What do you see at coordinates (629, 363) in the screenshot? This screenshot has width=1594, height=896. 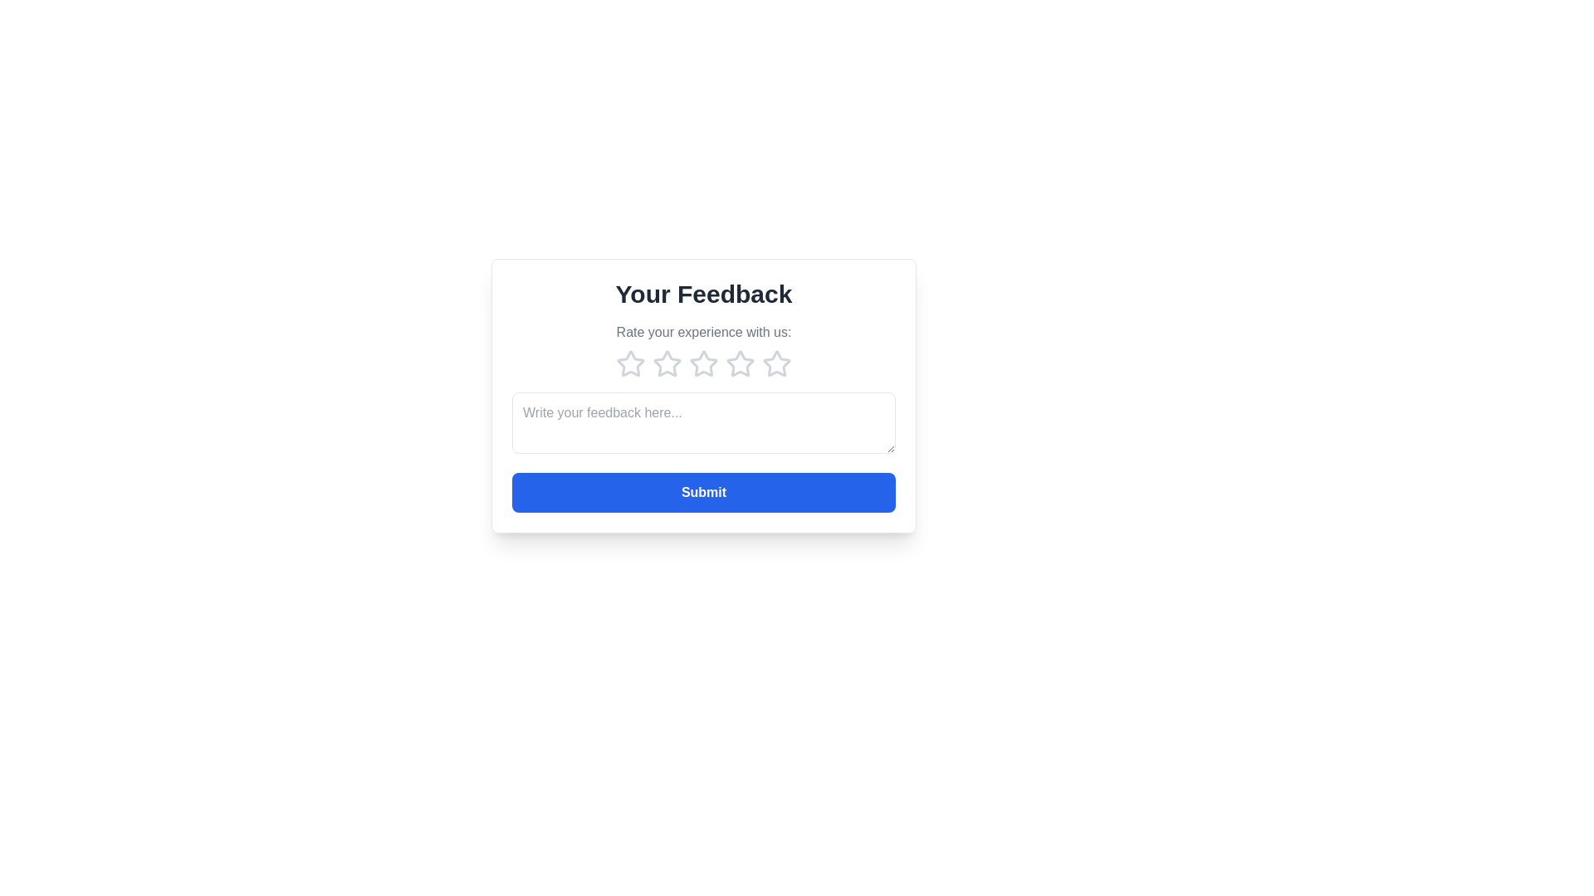 I see `the star corresponding to 1 to preview the rating` at bounding box center [629, 363].